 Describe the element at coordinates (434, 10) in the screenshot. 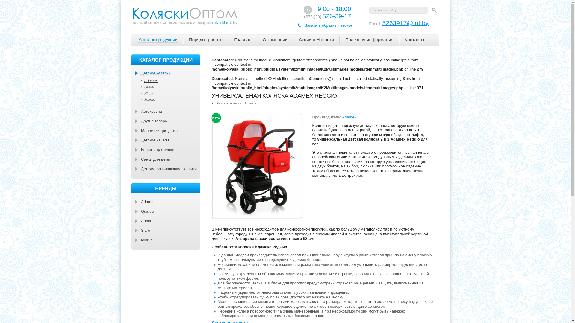

I see `' '` at that location.